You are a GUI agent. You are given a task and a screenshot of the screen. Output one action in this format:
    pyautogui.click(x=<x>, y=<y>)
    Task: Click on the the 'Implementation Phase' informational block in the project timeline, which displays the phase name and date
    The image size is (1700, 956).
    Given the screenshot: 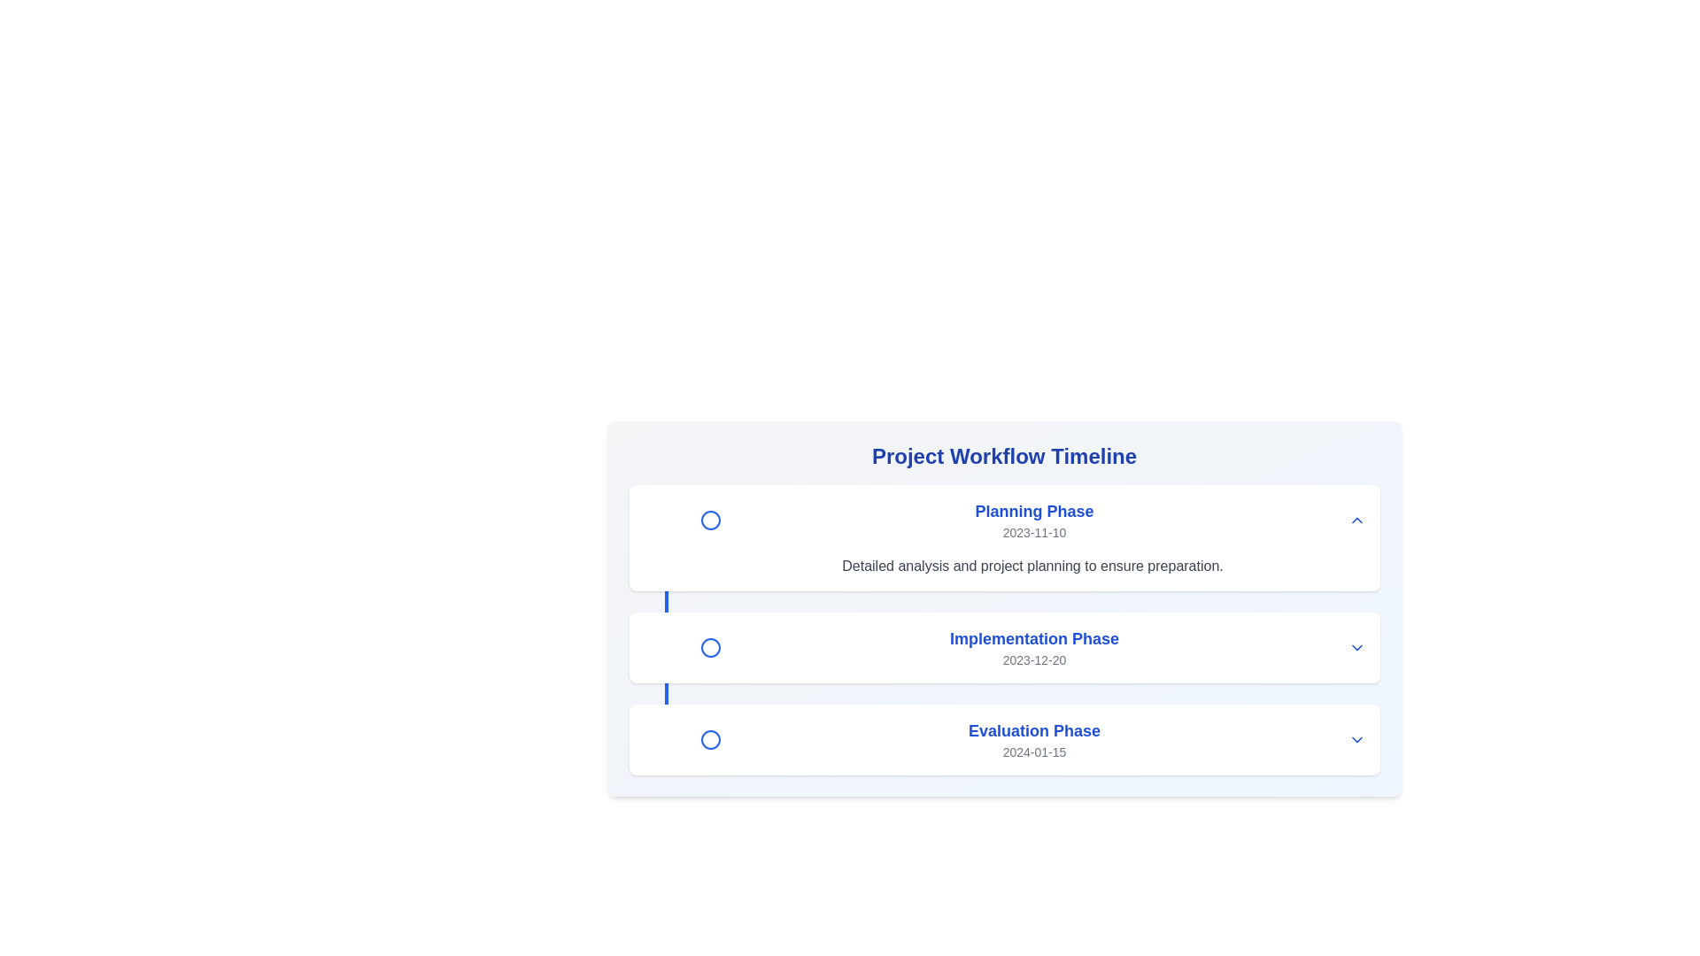 What is the action you would take?
    pyautogui.click(x=1034, y=648)
    